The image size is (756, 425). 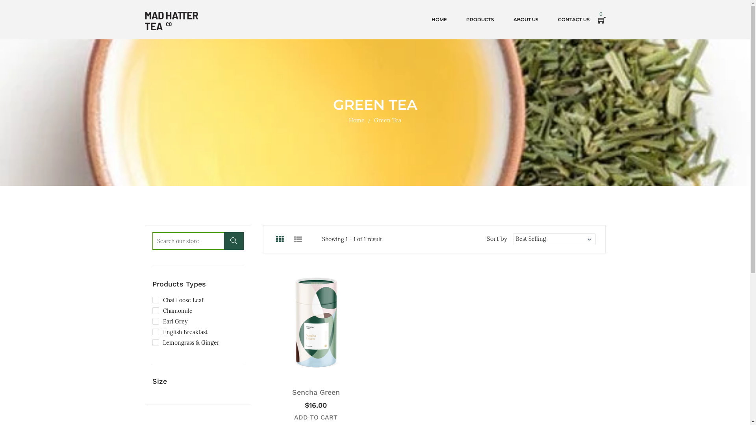 I want to click on 'ABOUT US', so click(x=526, y=19).